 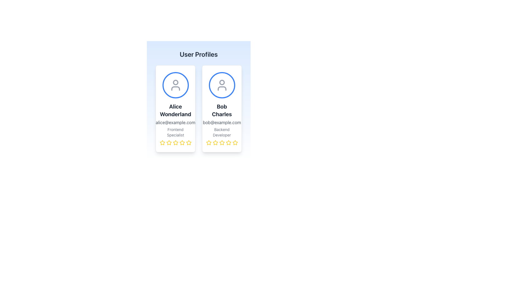 What do you see at coordinates (215, 142) in the screenshot?
I see `the third star in the rating widget for Bob Charles' profile card` at bounding box center [215, 142].